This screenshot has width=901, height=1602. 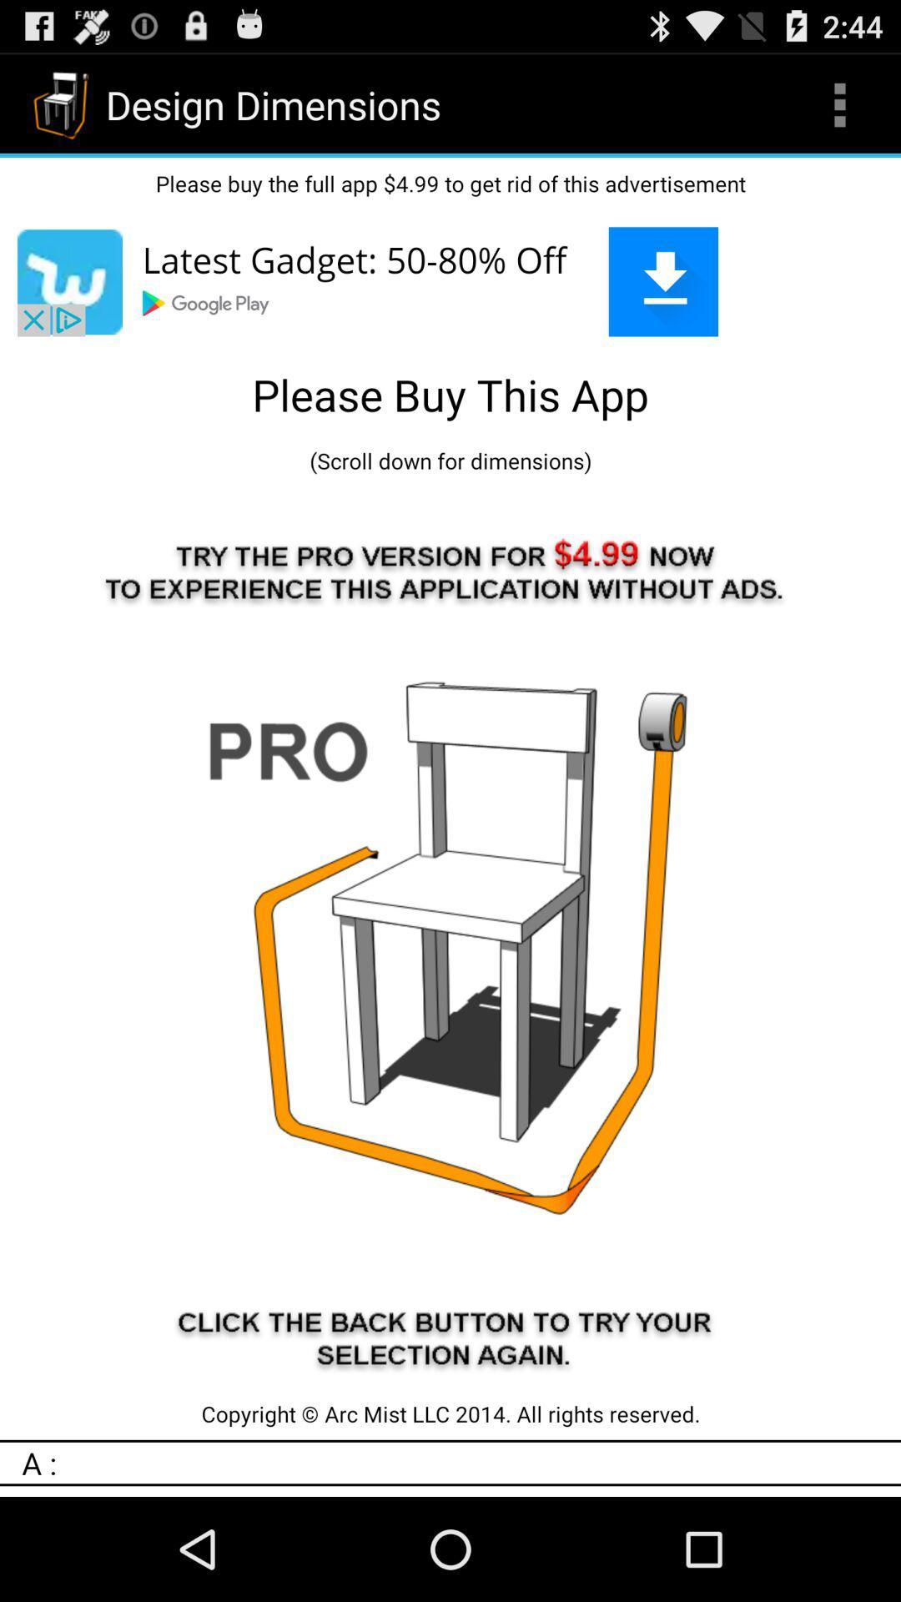 I want to click on scroll down for item, so click(x=450, y=461).